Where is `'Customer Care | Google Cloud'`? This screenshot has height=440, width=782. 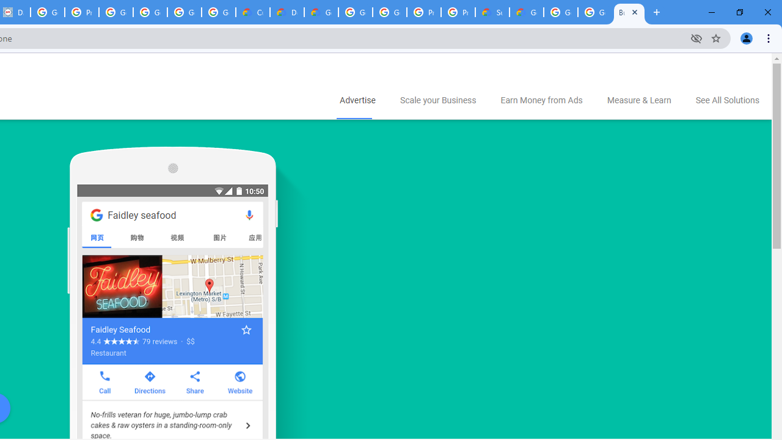
'Customer Care | Google Cloud' is located at coordinates (252, 12).